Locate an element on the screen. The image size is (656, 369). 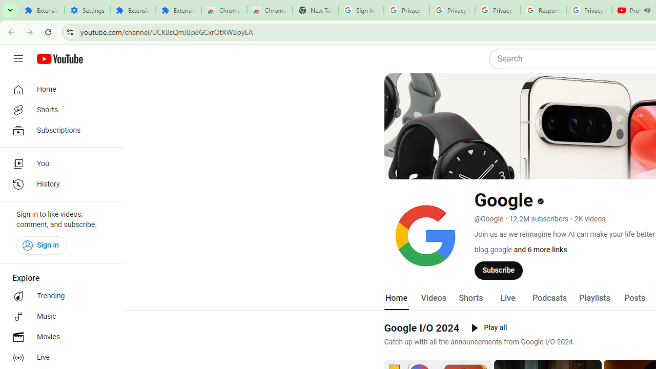
'Chrome Web Store' is located at coordinates (223, 10).